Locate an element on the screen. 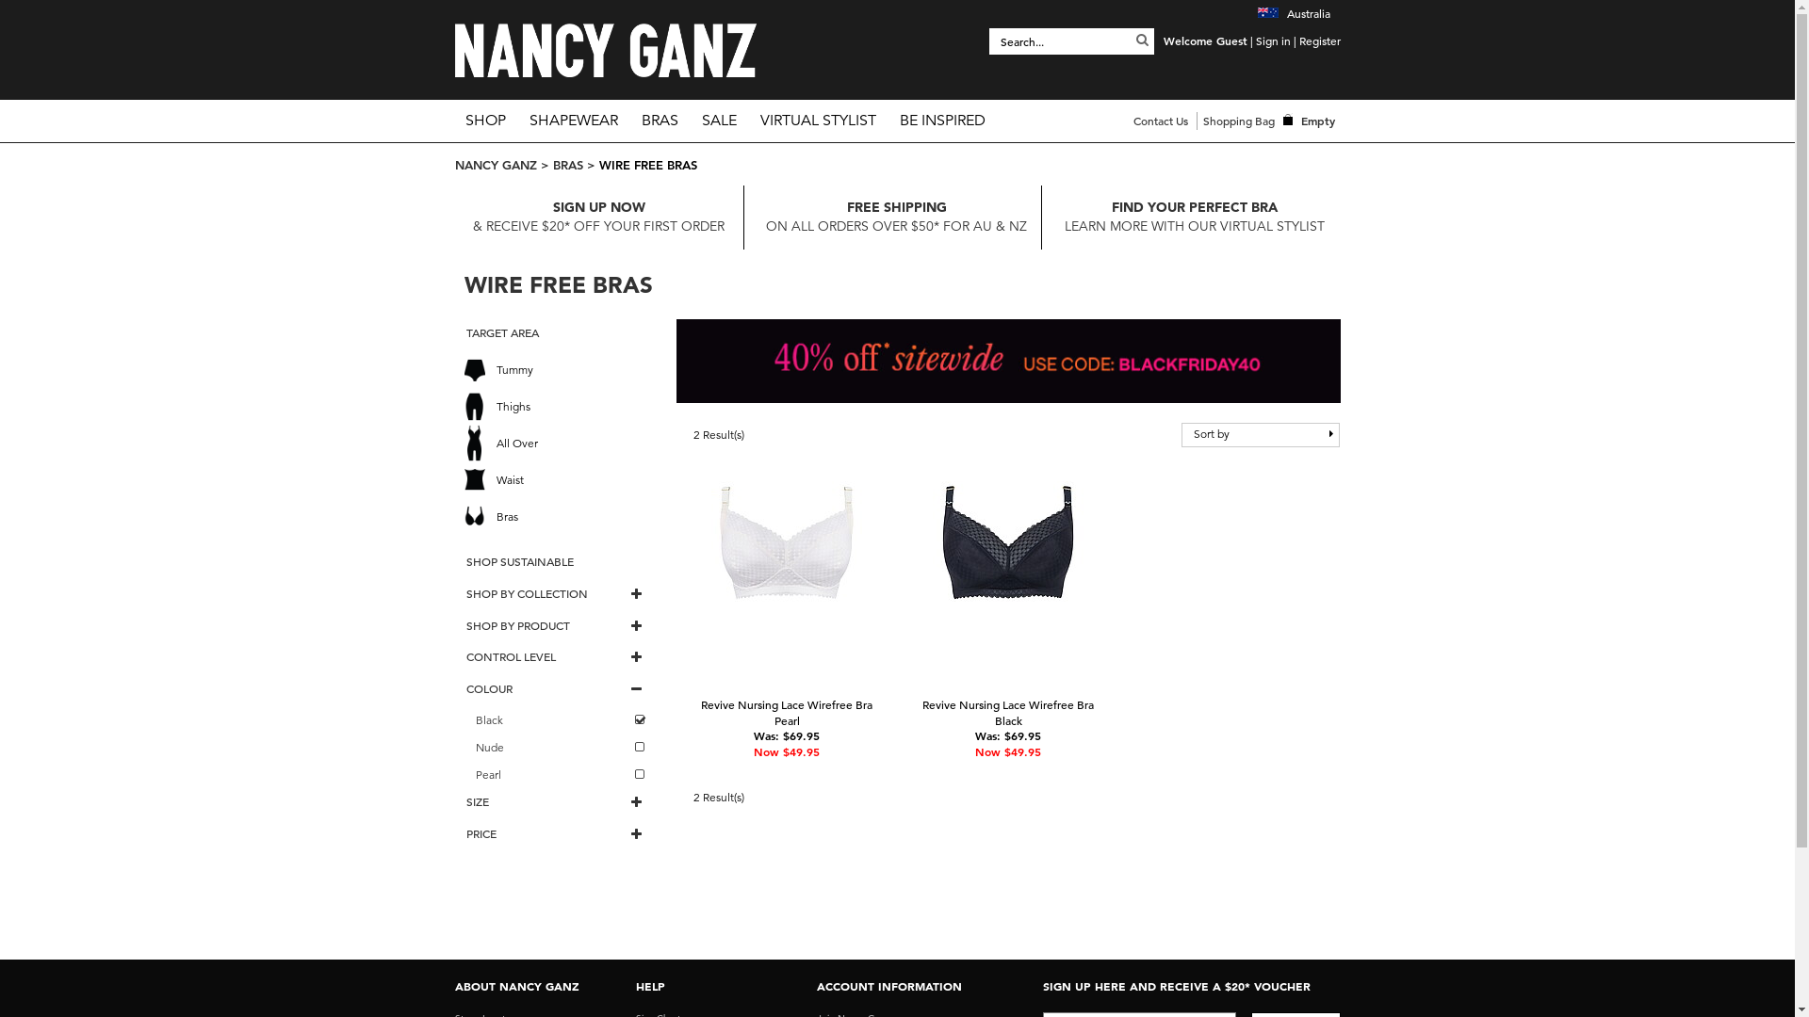  'FIND YOUR PERFECT BRALEARN MORE WITH OUR VIRTUAL STYLIST' is located at coordinates (1193, 216).